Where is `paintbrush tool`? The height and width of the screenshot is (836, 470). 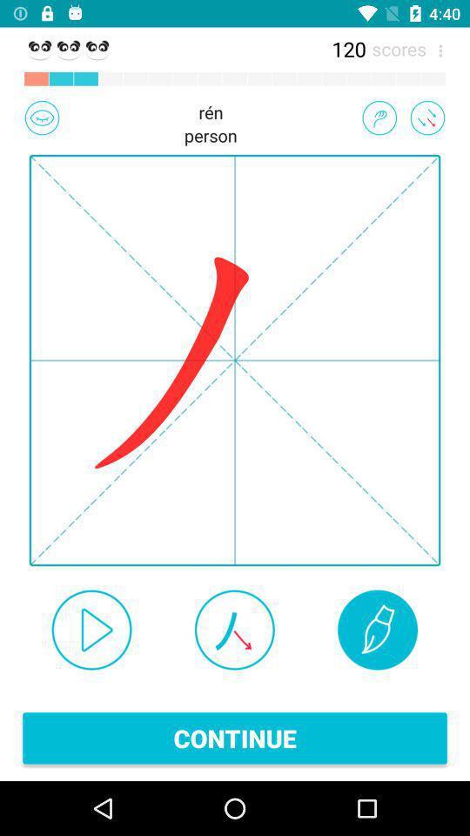 paintbrush tool is located at coordinates (377, 629).